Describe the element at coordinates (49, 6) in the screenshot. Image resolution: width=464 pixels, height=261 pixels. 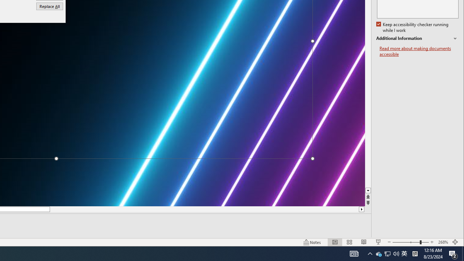
I see `'Replace All'` at that location.